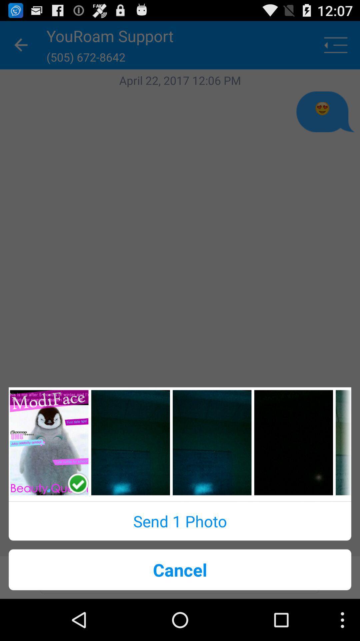 This screenshot has width=360, height=641. I want to click on media gallery, so click(49, 442).